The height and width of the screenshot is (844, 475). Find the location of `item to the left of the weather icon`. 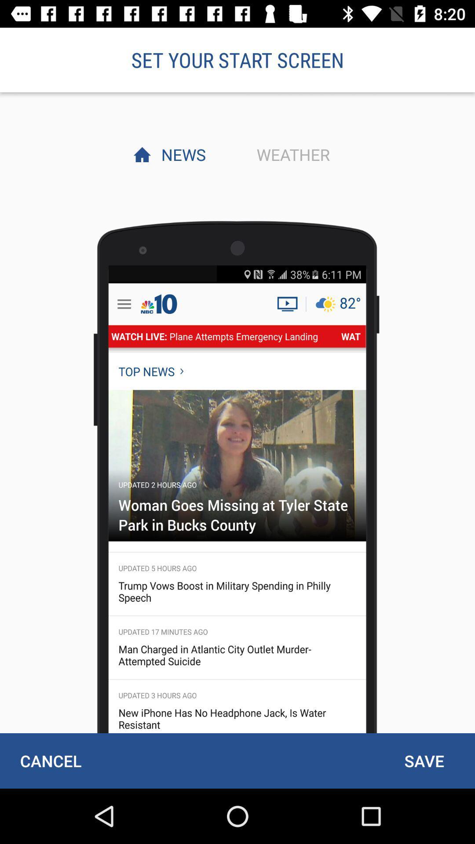

item to the left of the weather icon is located at coordinates (181, 154).